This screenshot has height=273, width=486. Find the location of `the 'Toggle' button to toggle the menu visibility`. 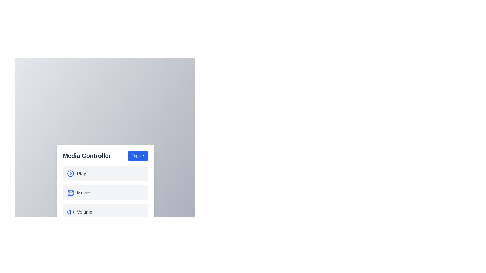

the 'Toggle' button to toggle the menu visibility is located at coordinates (138, 156).